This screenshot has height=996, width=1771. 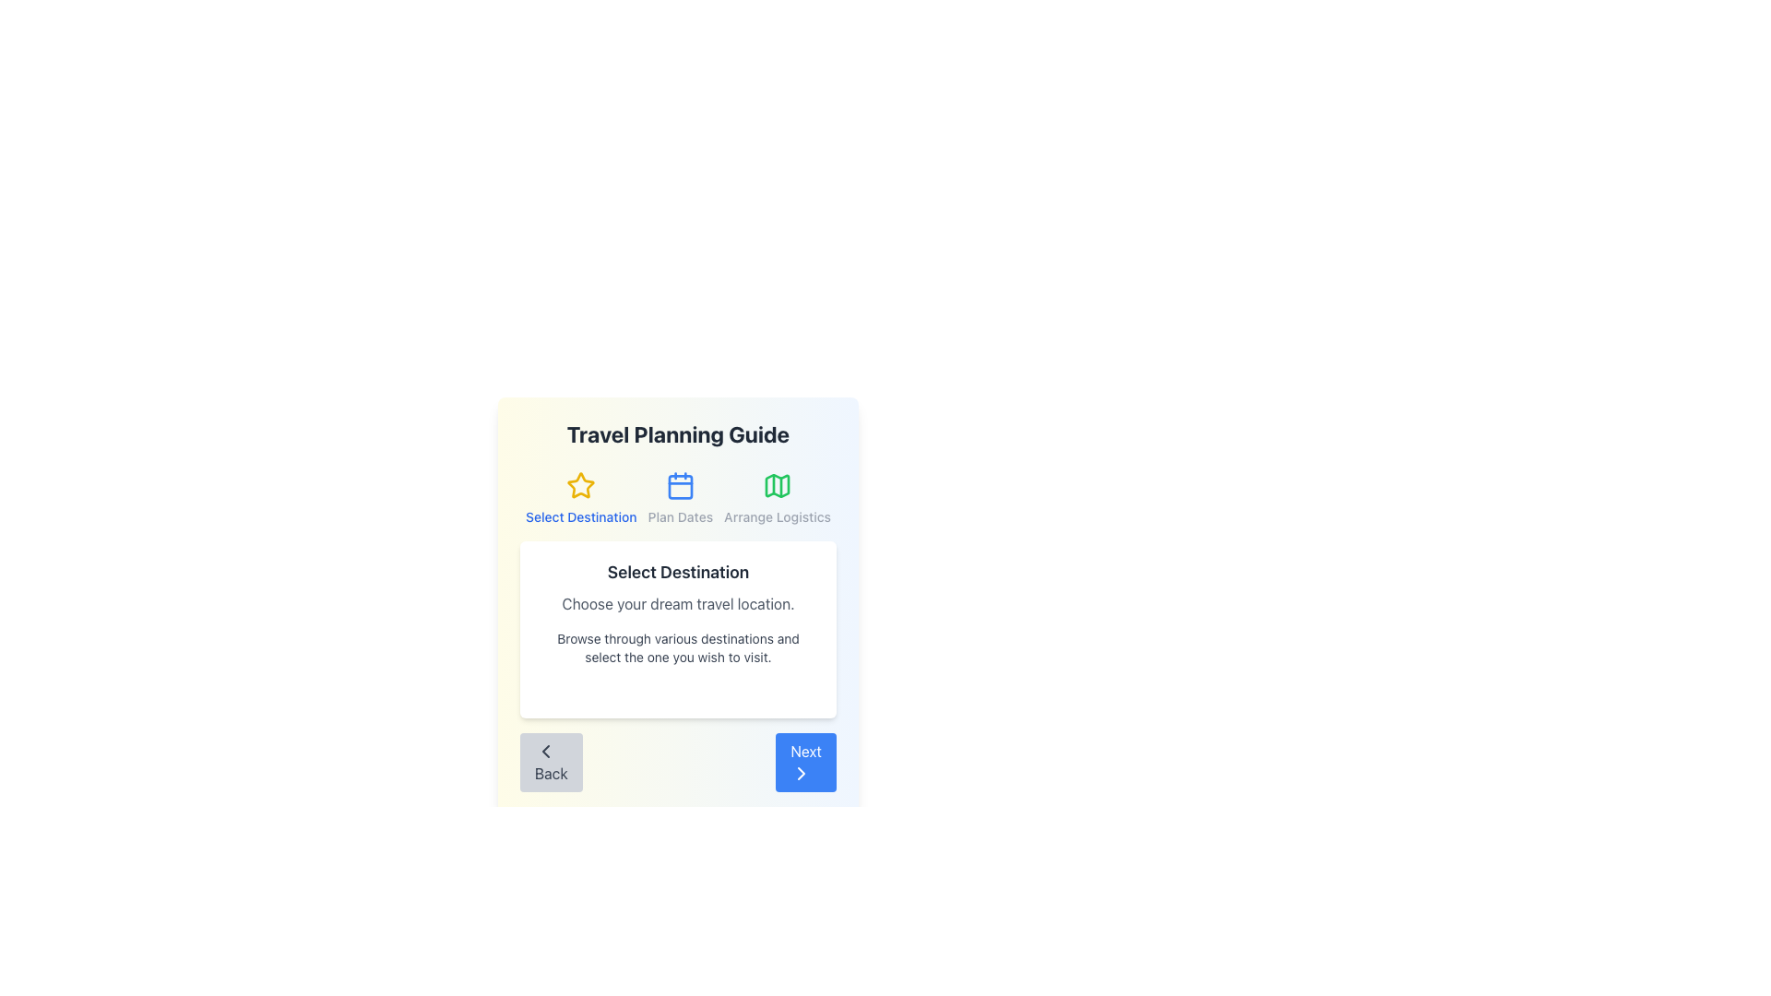 I want to click on the 'Arrange Logistics' button, which features a green map icon and is styled in gray, located below the 'Travel Planning Guide' header and to the right of 'Plan Dates', so click(x=778, y=498).